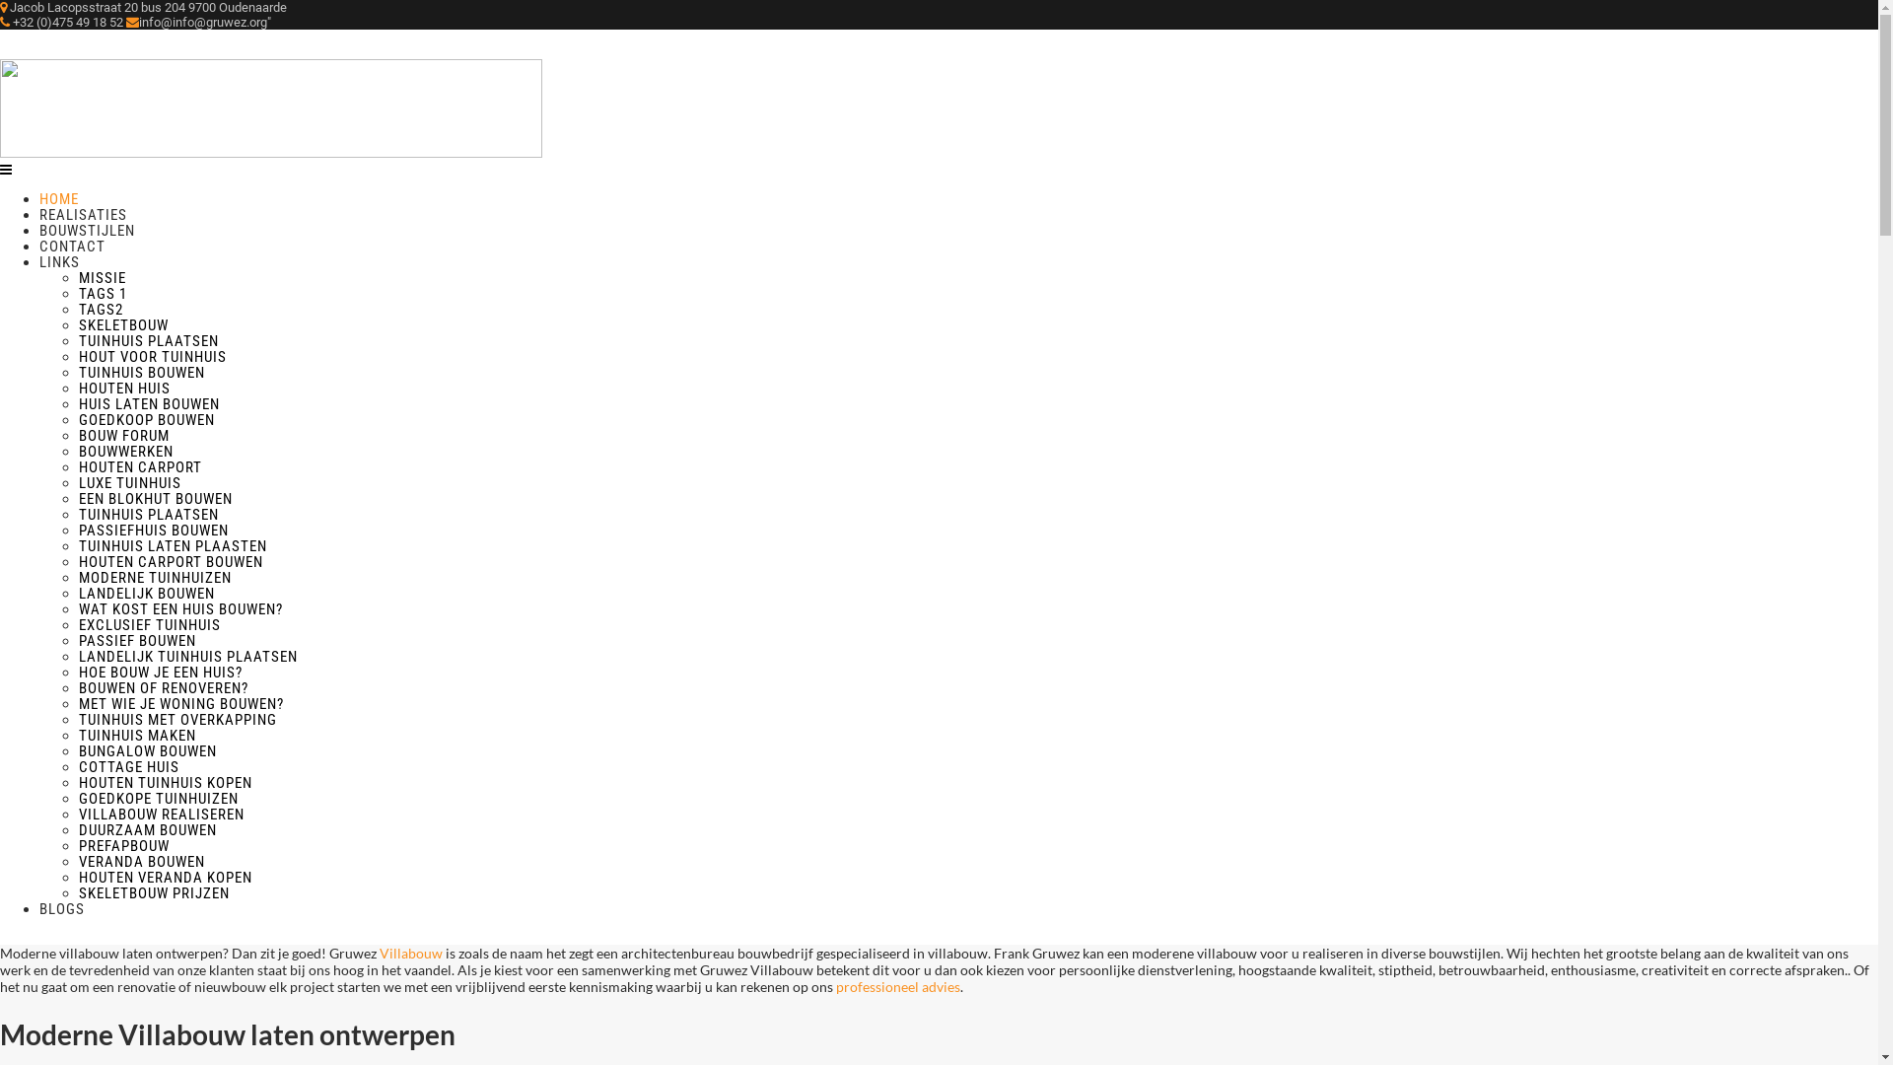  I want to click on 'HUIS LATEN BOUWEN', so click(148, 402).